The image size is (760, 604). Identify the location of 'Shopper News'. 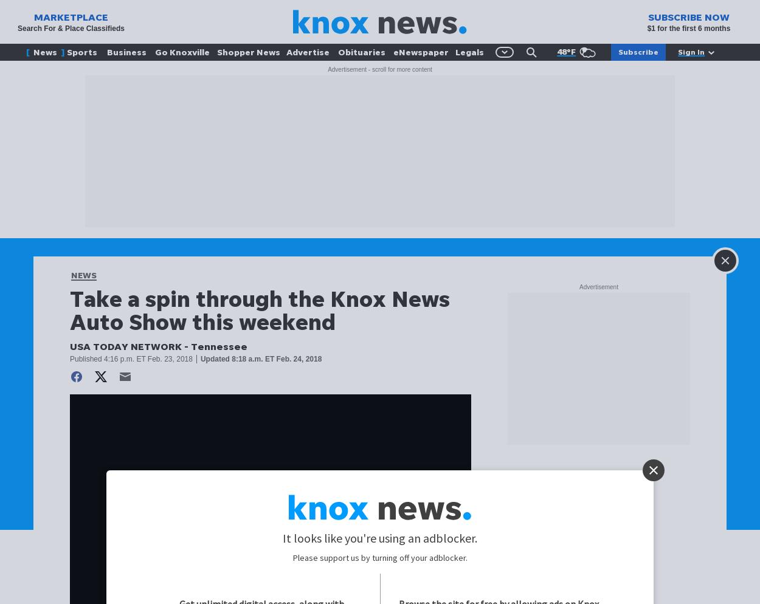
(248, 52).